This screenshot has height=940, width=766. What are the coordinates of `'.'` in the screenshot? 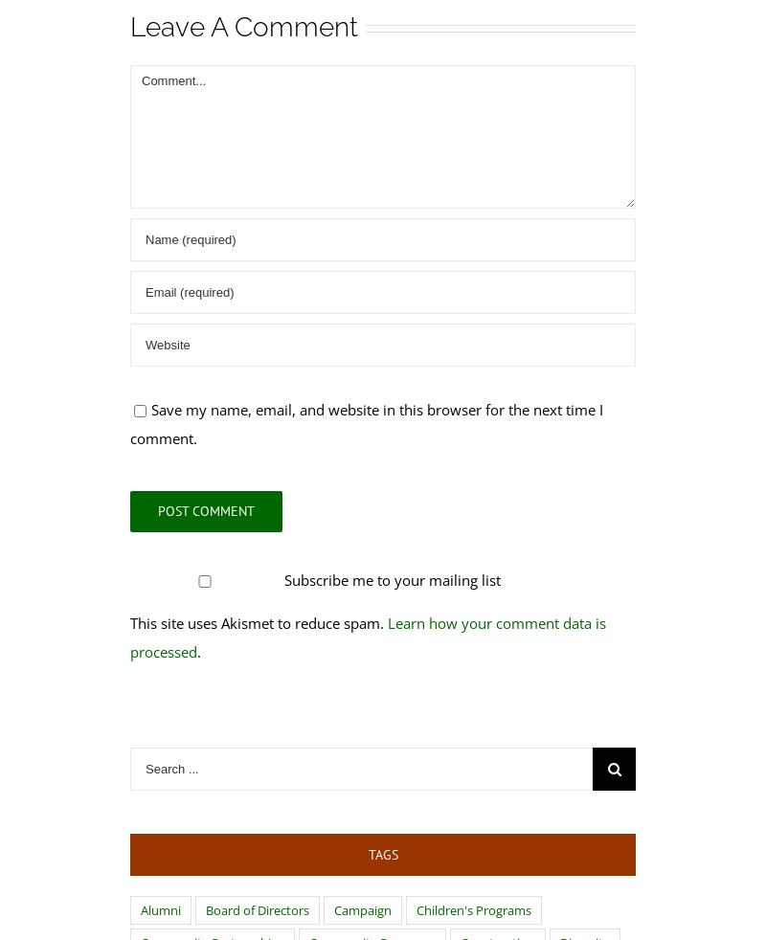 It's located at (199, 650).